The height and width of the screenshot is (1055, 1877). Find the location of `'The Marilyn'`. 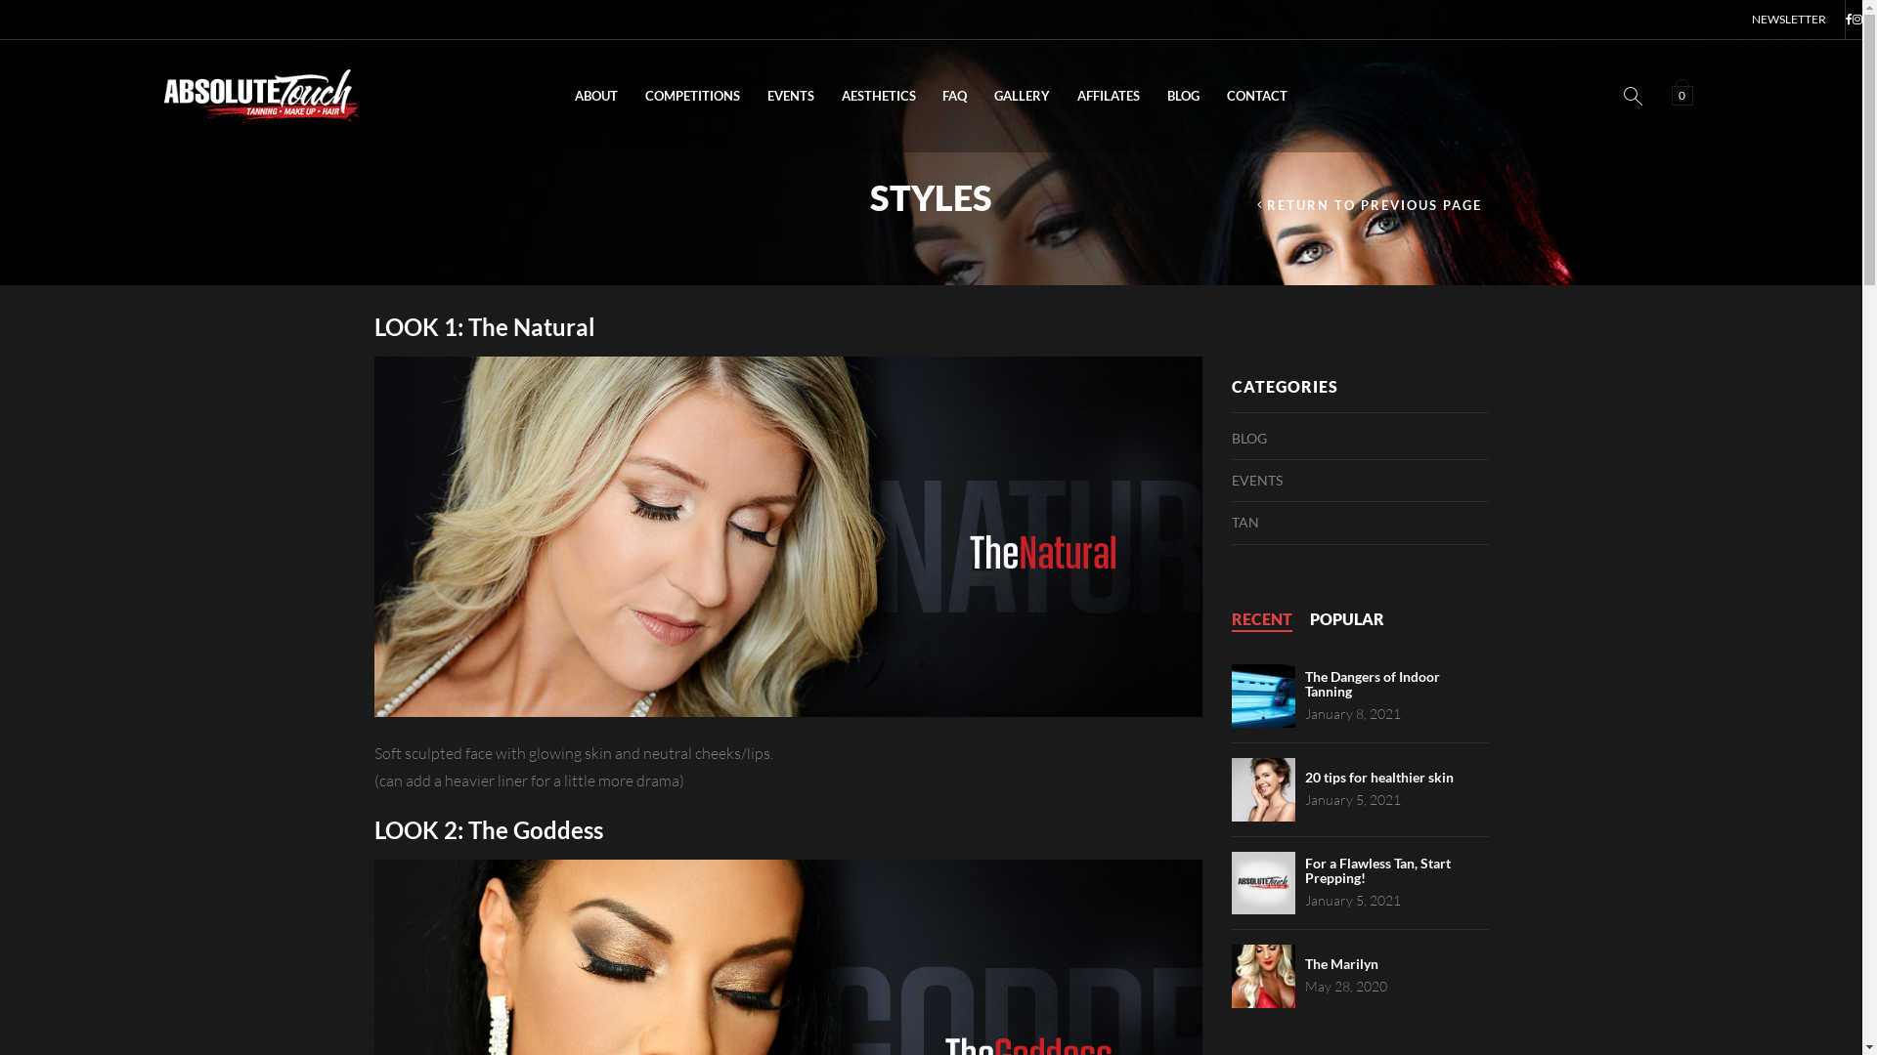

'The Marilyn' is located at coordinates (1304, 962).